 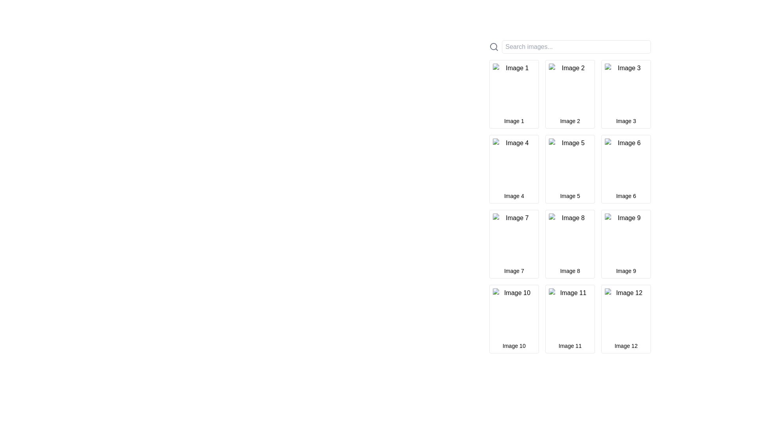 What do you see at coordinates (514, 163) in the screenshot?
I see `the image placeholder labeled 'Image 4' located in the second row and second column of the grid layout` at bounding box center [514, 163].